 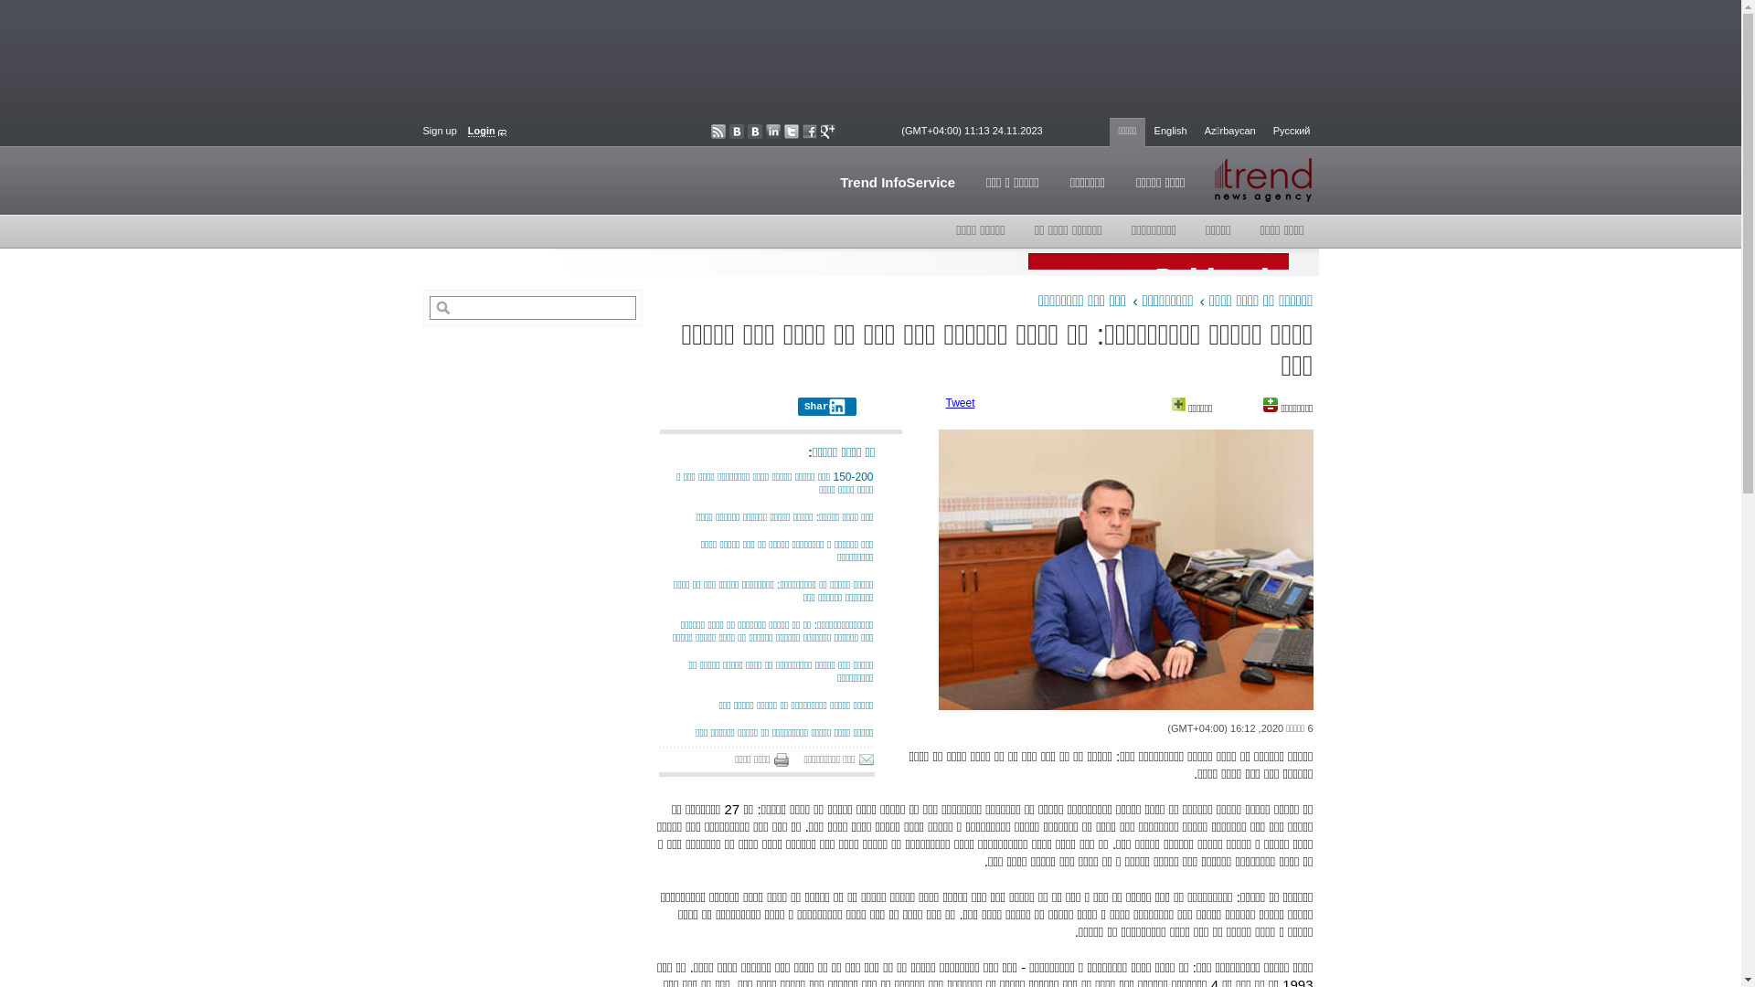 I want to click on 'Tweet', so click(x=959, y=401).